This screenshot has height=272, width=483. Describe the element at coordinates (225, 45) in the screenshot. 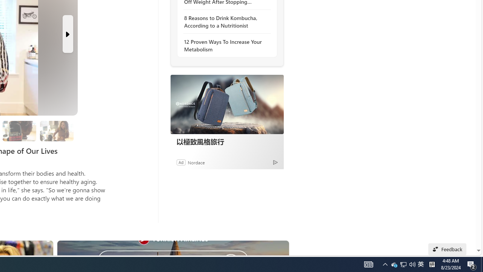

I see `'12 Proven Ways To Increase Your Metabolism'` at that location.